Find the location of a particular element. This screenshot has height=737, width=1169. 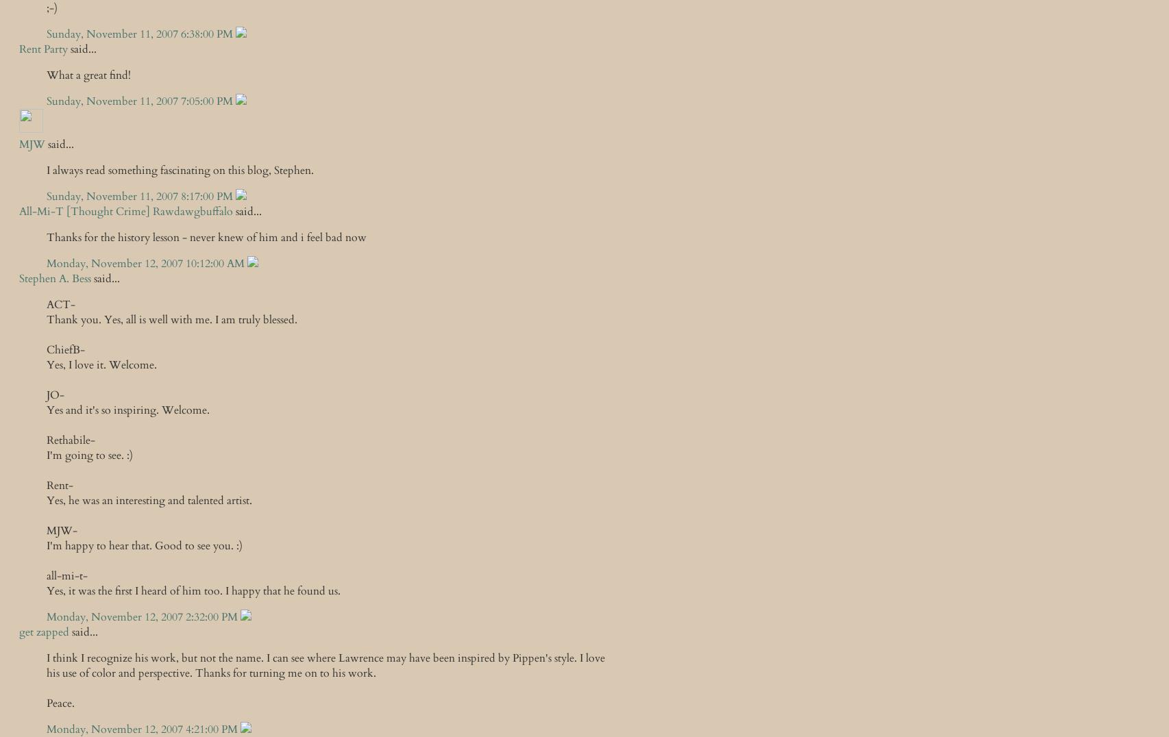

'I'm going to see.  :)' is located at coordinates (90, 454).